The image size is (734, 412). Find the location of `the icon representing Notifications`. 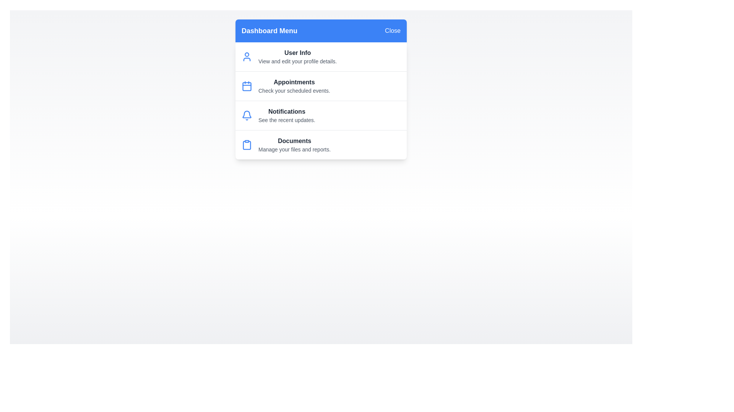

the icon representing Notifications is located at coordinates (247, 116).